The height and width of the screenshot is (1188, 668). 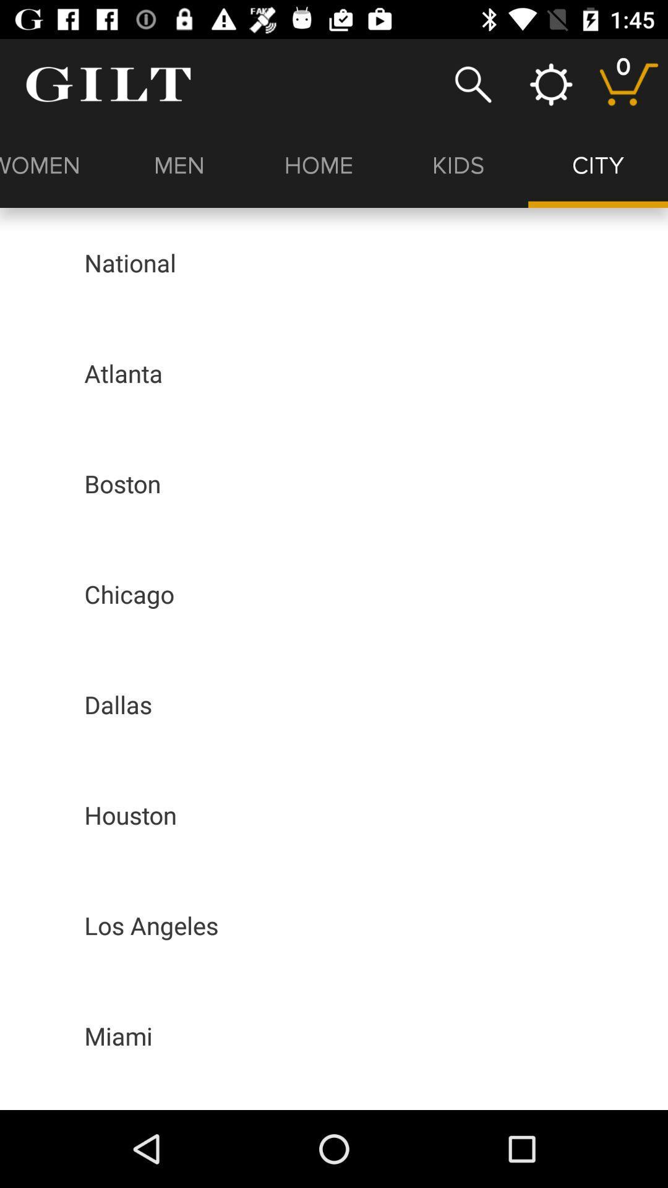 I want to click on the item above the boston item, so click(x=123, y=372).